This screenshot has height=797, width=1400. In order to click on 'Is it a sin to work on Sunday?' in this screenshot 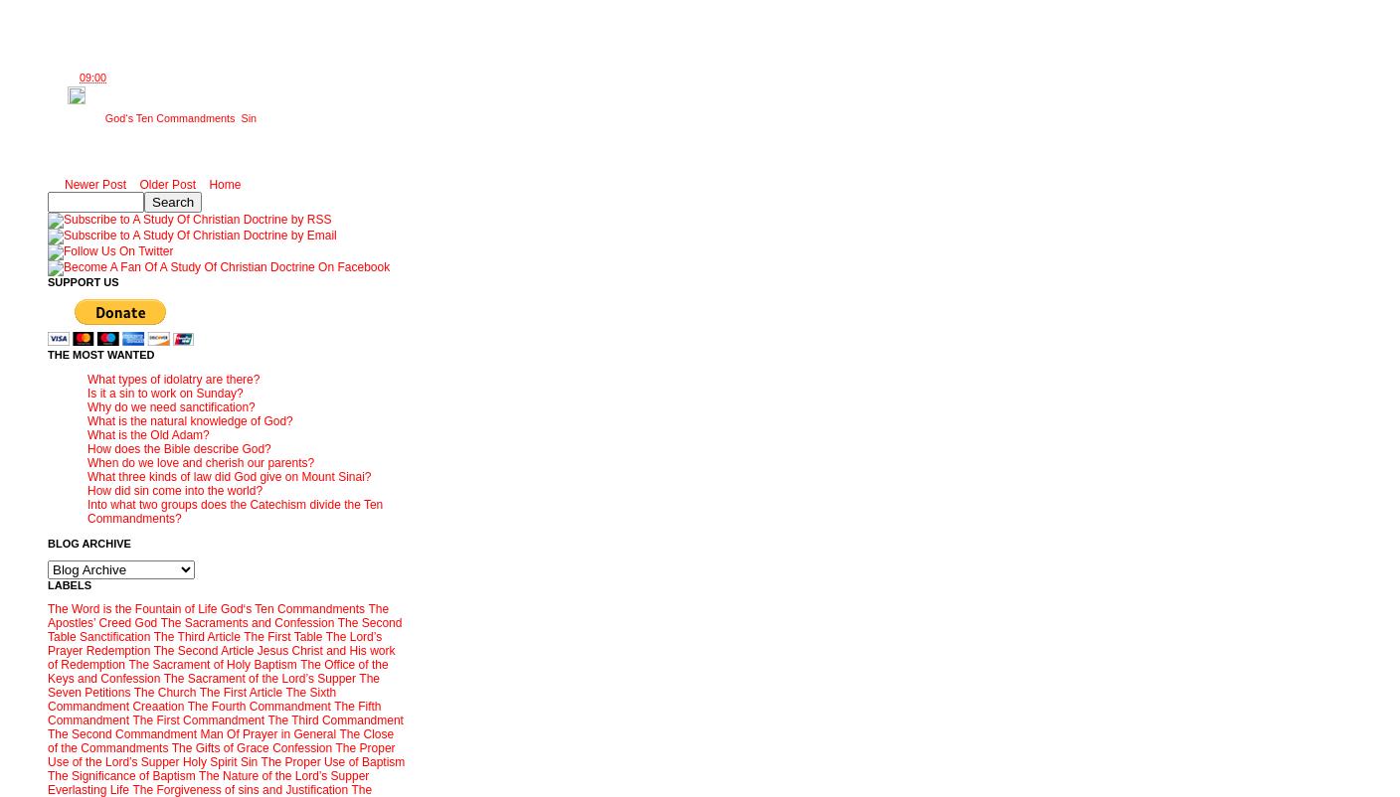, I will do `click(165, 393)`.